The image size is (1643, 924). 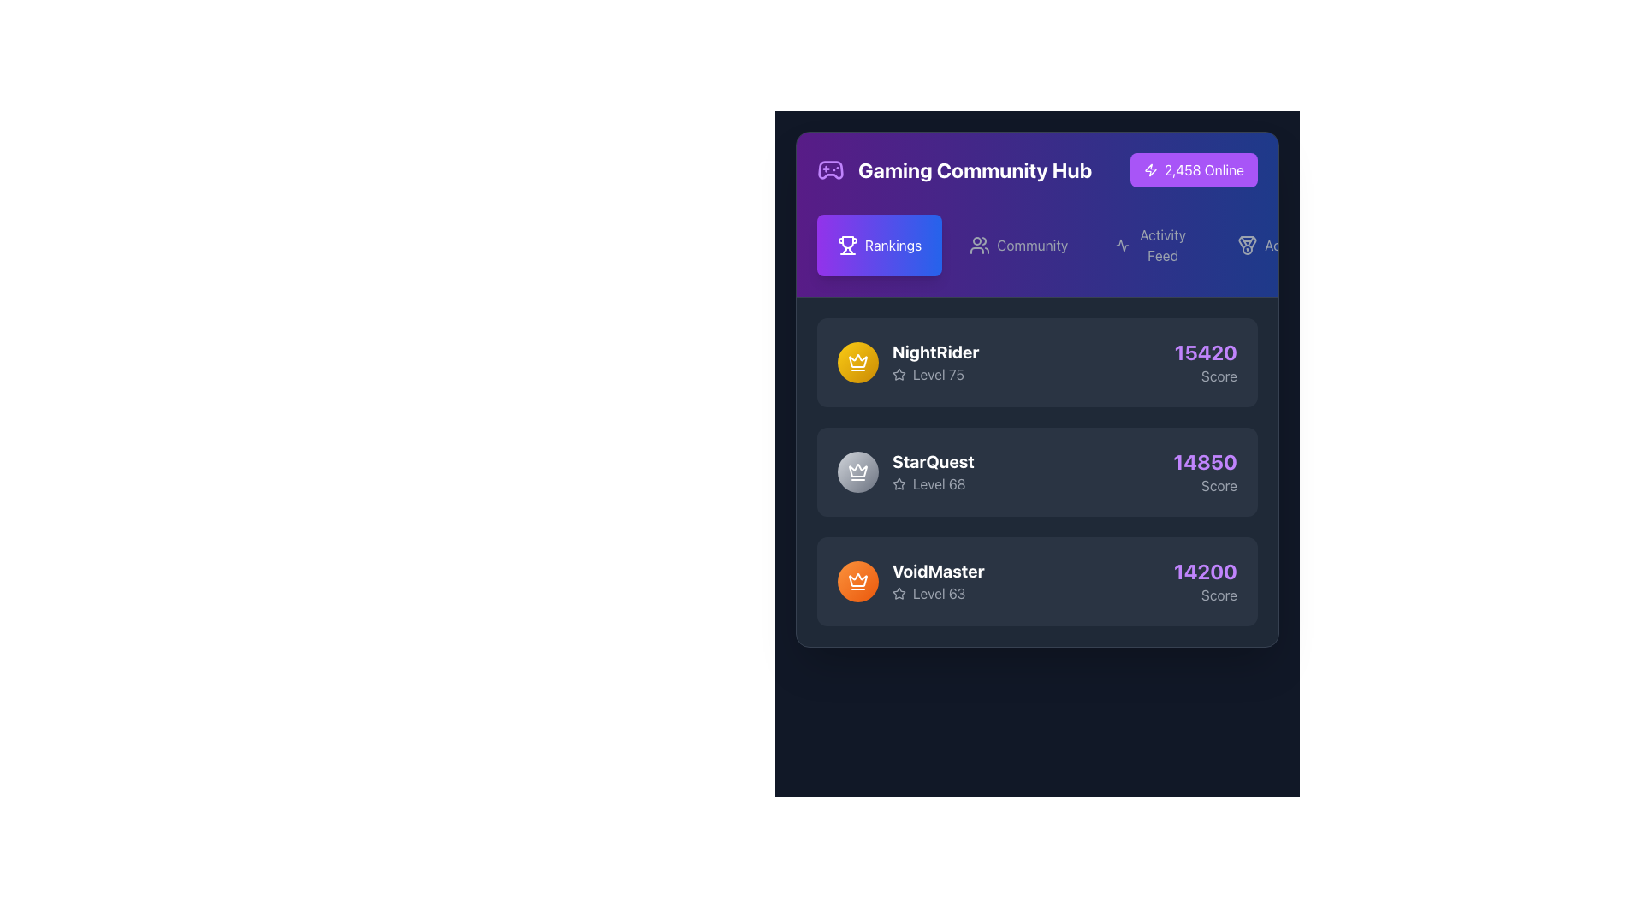 What do you see at coordinates (830, 170) in the screenshot?
I see `the stylized gamepad icon in the top-left corner of the page, which is rendered in a purple tint and located above the 'Gaming Community Hub' text` at bounding box center [830, 170].